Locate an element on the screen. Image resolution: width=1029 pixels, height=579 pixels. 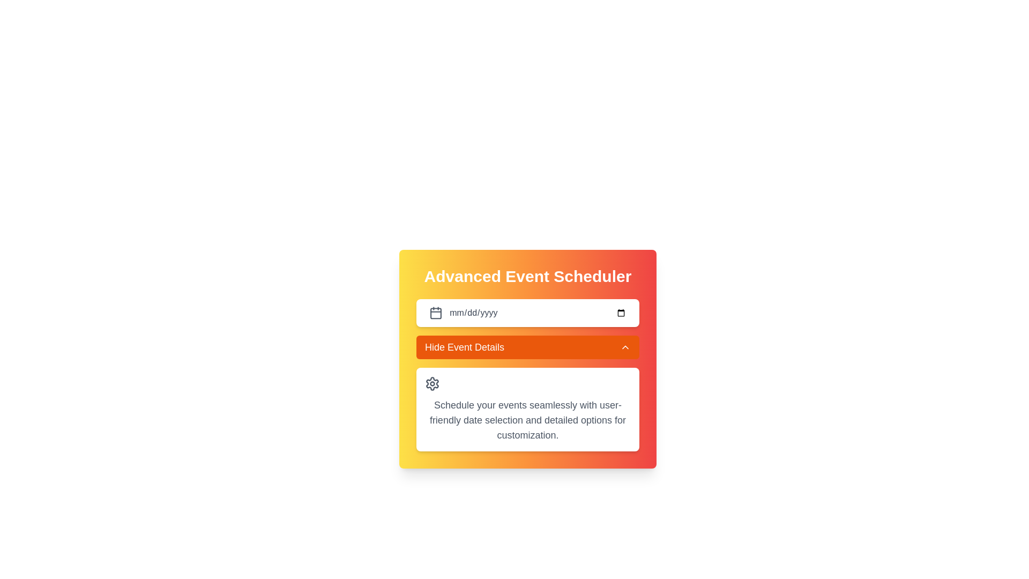
the chevron icon located at the far right end of the 'Hide Event Details' orange button is located at coordinates (625, 347).